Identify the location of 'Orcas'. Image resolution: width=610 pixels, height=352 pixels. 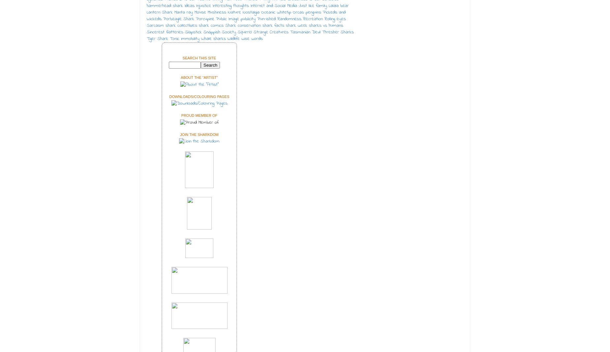
(298, 12).